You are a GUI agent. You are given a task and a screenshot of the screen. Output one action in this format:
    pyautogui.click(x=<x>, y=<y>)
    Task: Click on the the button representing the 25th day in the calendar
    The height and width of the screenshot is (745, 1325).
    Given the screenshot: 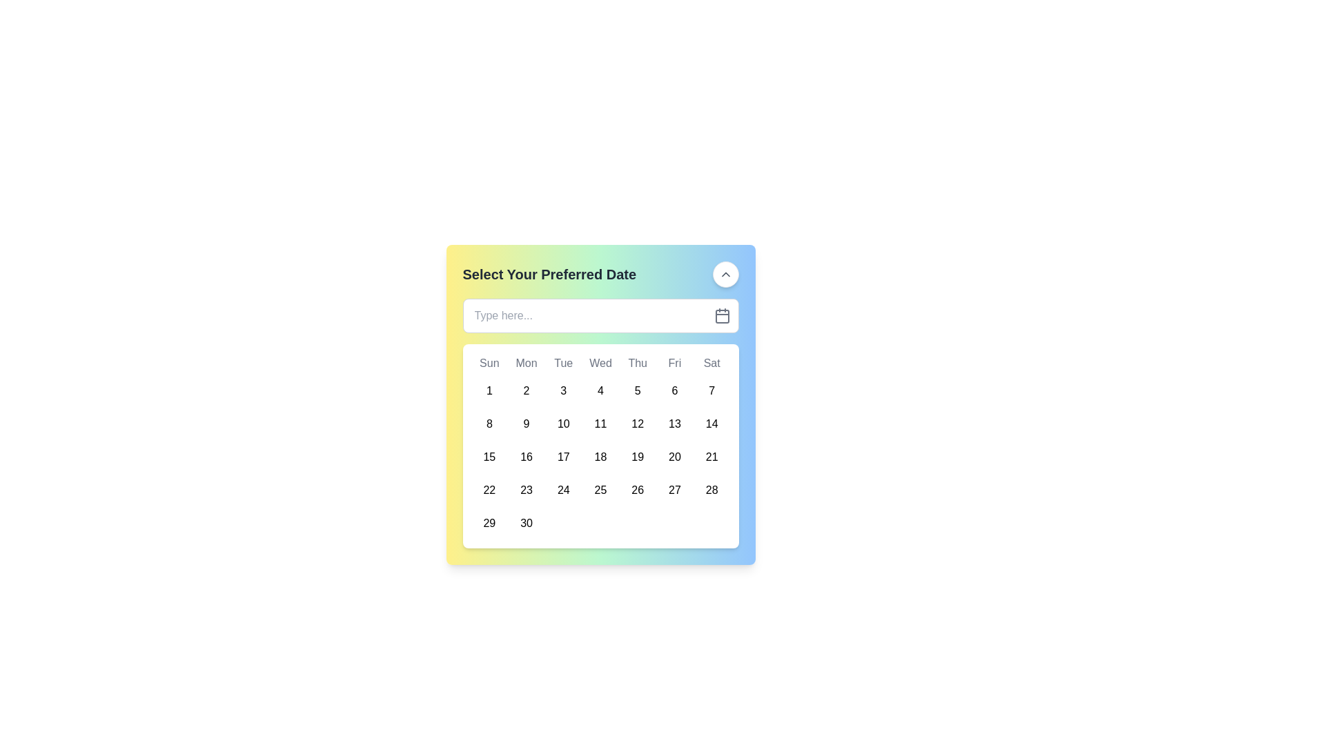 What is the action you would take?
    pyautogui.click(x=600, y=489)
    